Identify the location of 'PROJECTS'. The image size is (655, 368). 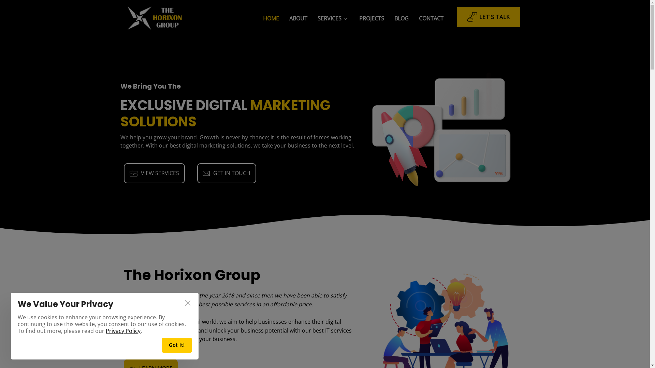
(371, 18).